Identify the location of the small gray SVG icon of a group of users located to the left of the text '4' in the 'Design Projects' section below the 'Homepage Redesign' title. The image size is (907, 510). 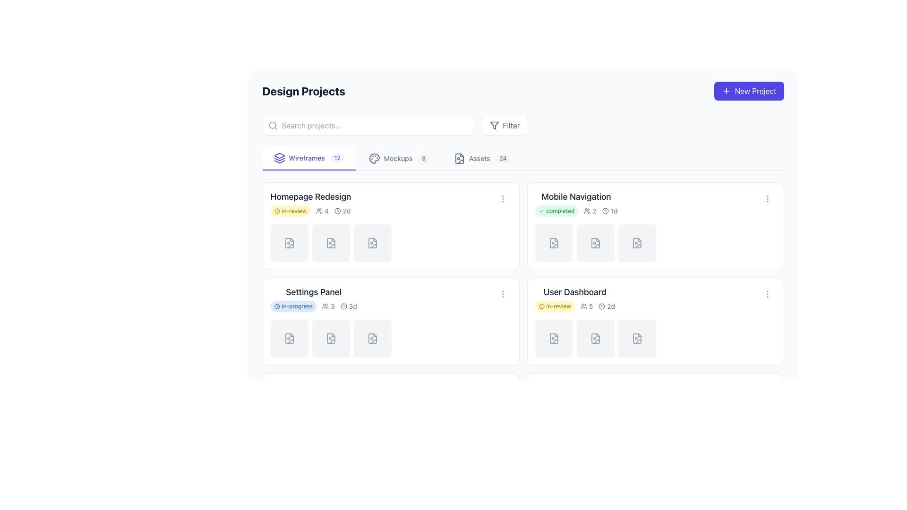
(319, 211).